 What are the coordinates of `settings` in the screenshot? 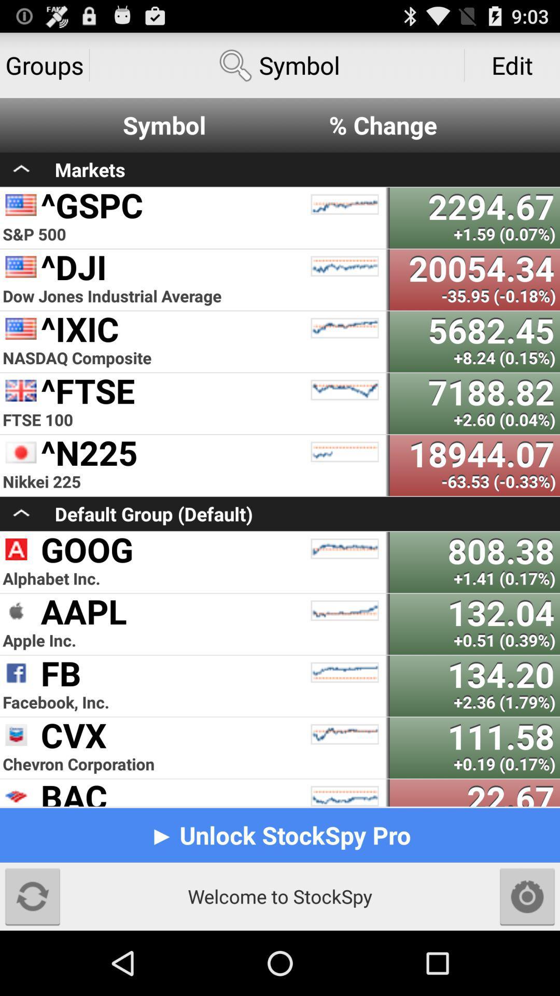 It's located at (527, 896).